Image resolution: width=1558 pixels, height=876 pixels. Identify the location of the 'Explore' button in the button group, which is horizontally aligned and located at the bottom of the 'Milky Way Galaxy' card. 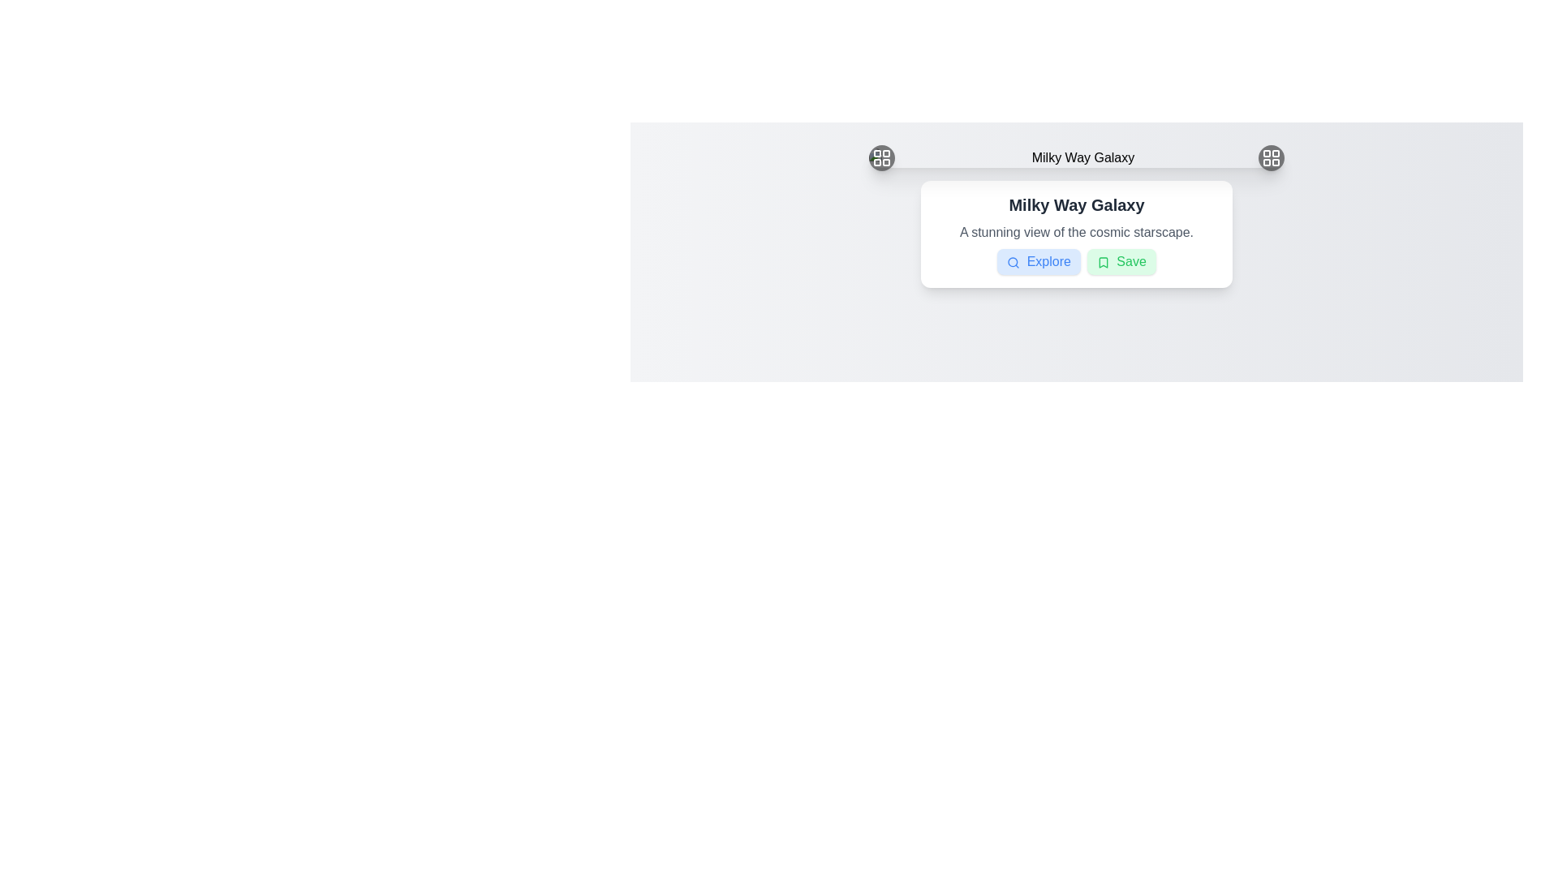
(1076, 261).